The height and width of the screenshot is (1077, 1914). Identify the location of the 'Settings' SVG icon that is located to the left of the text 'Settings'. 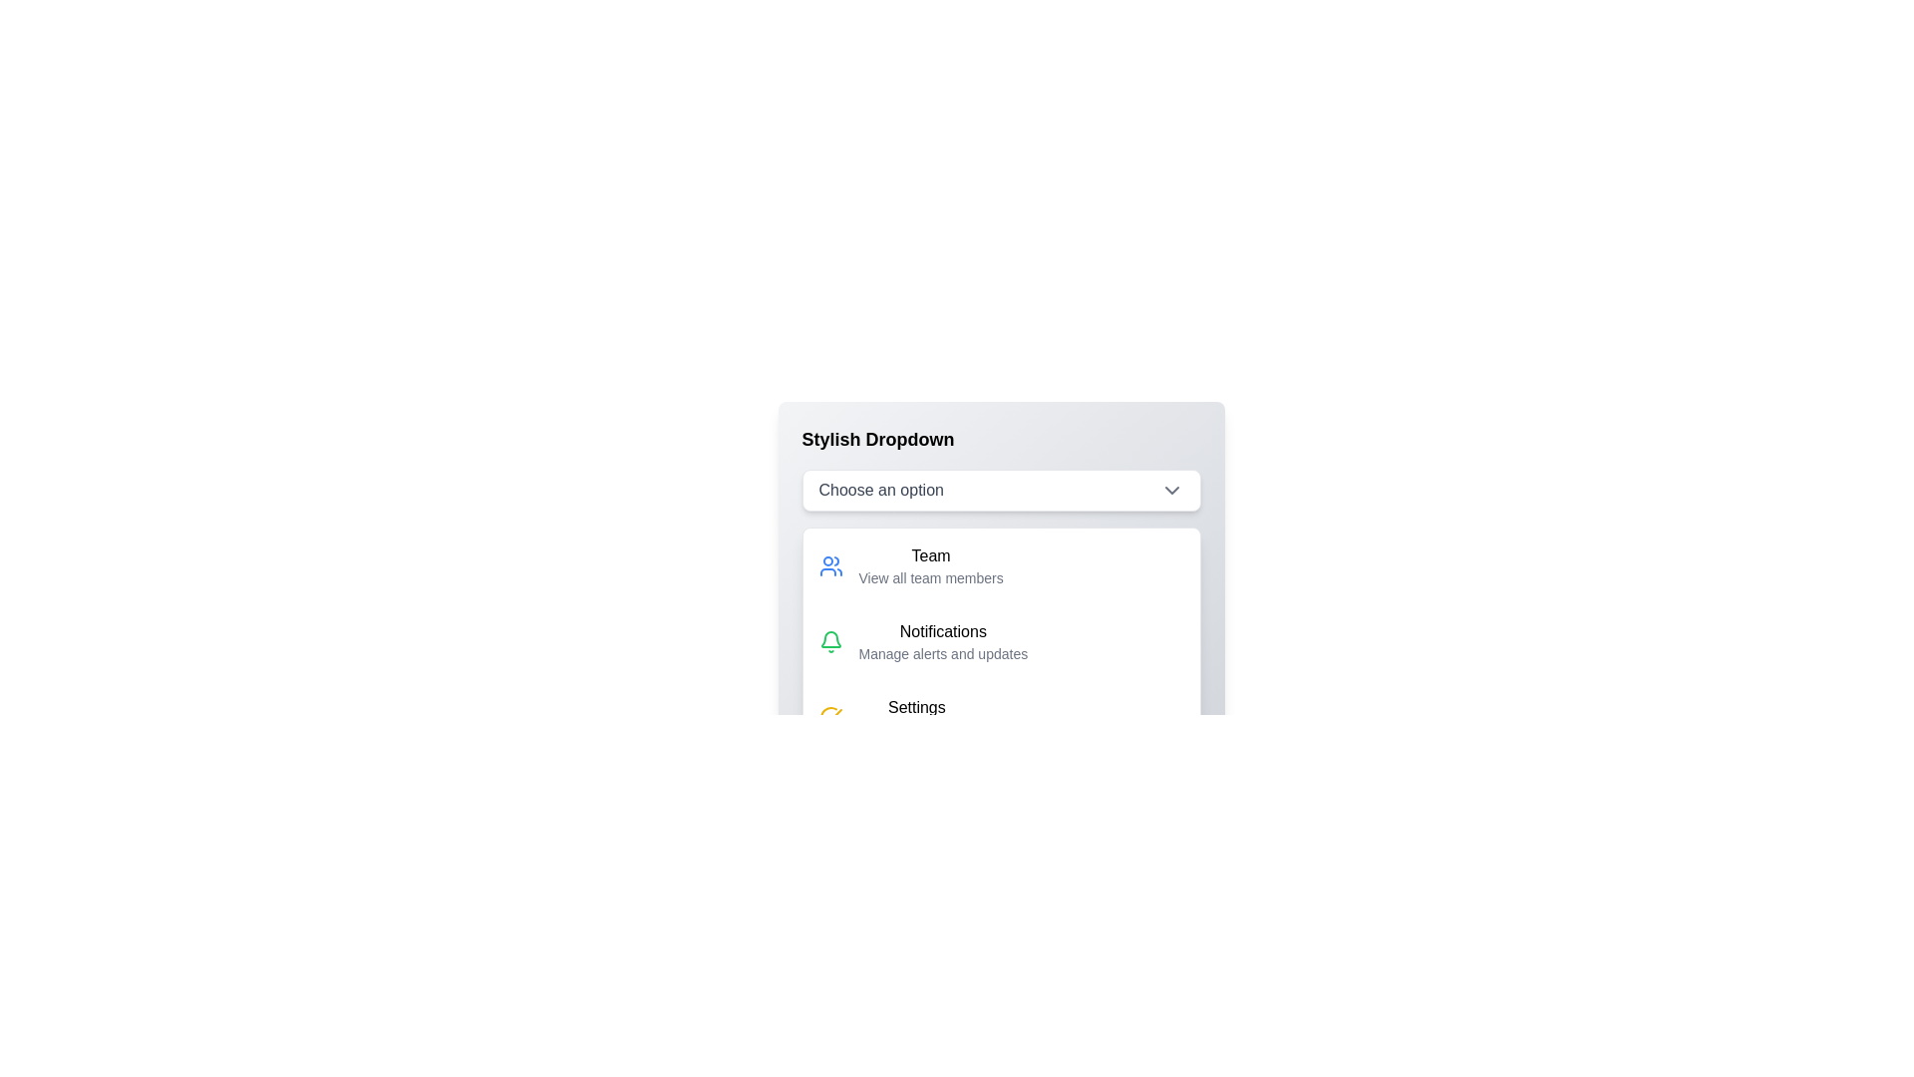
(830, 718).